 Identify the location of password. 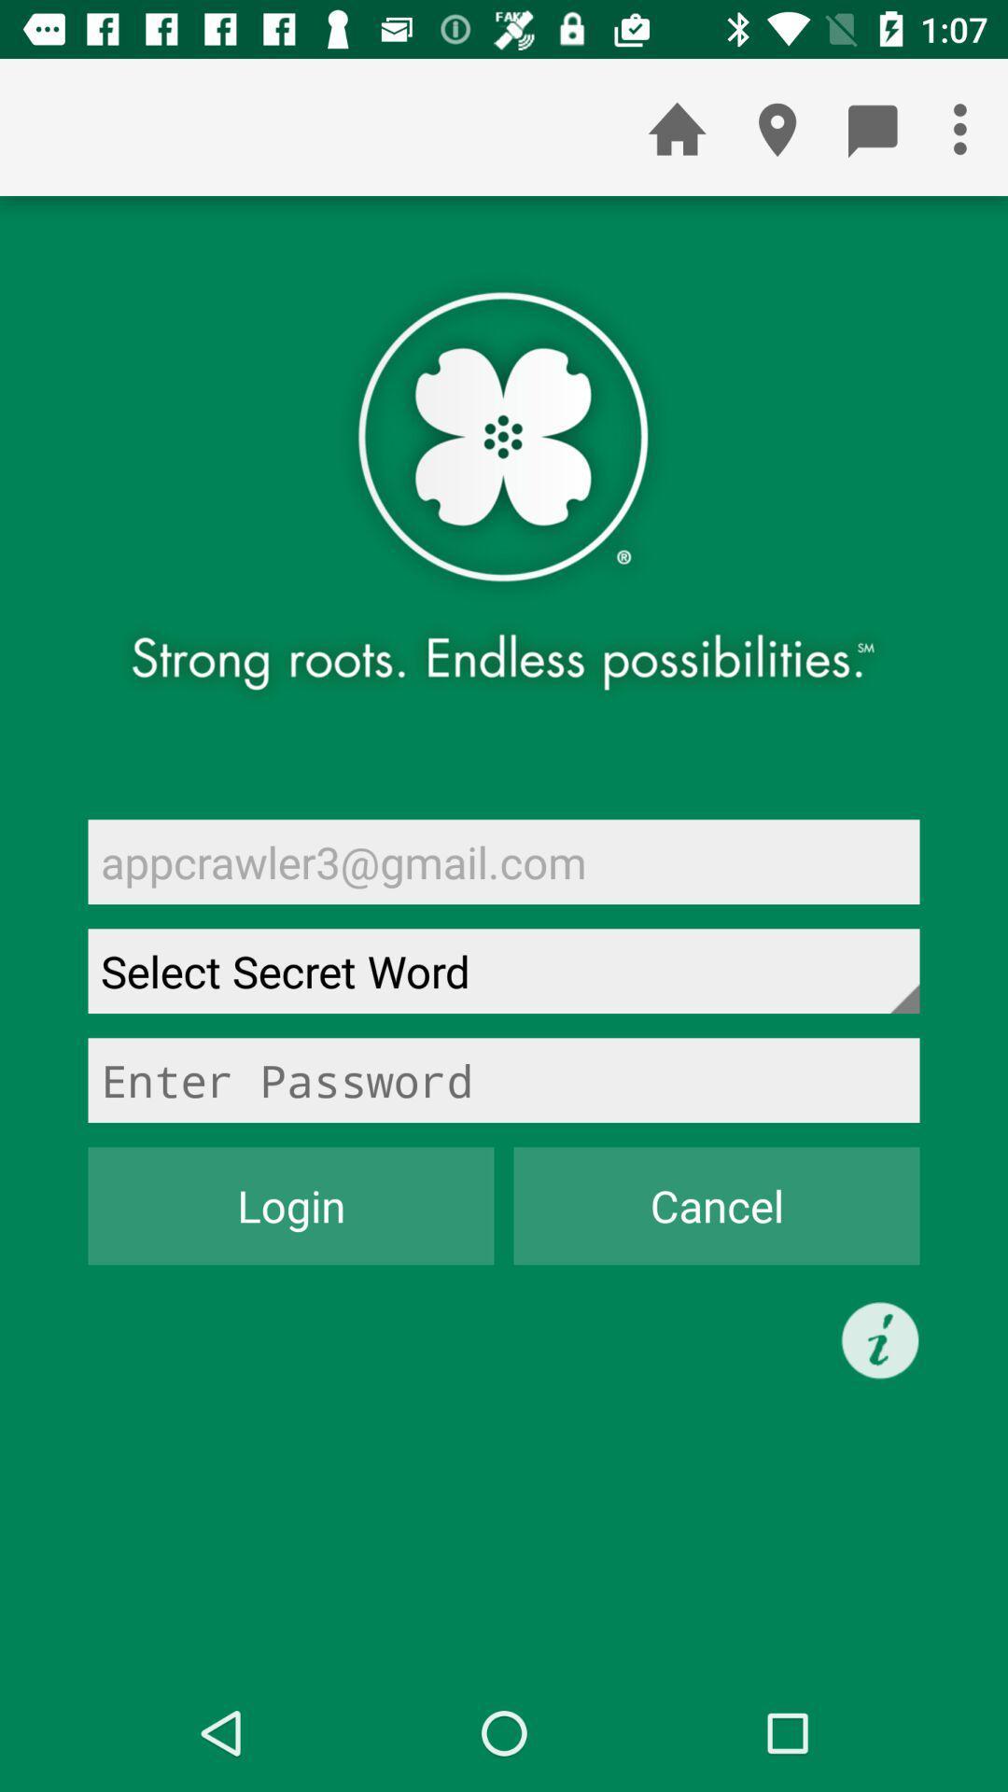
(504, 1080).